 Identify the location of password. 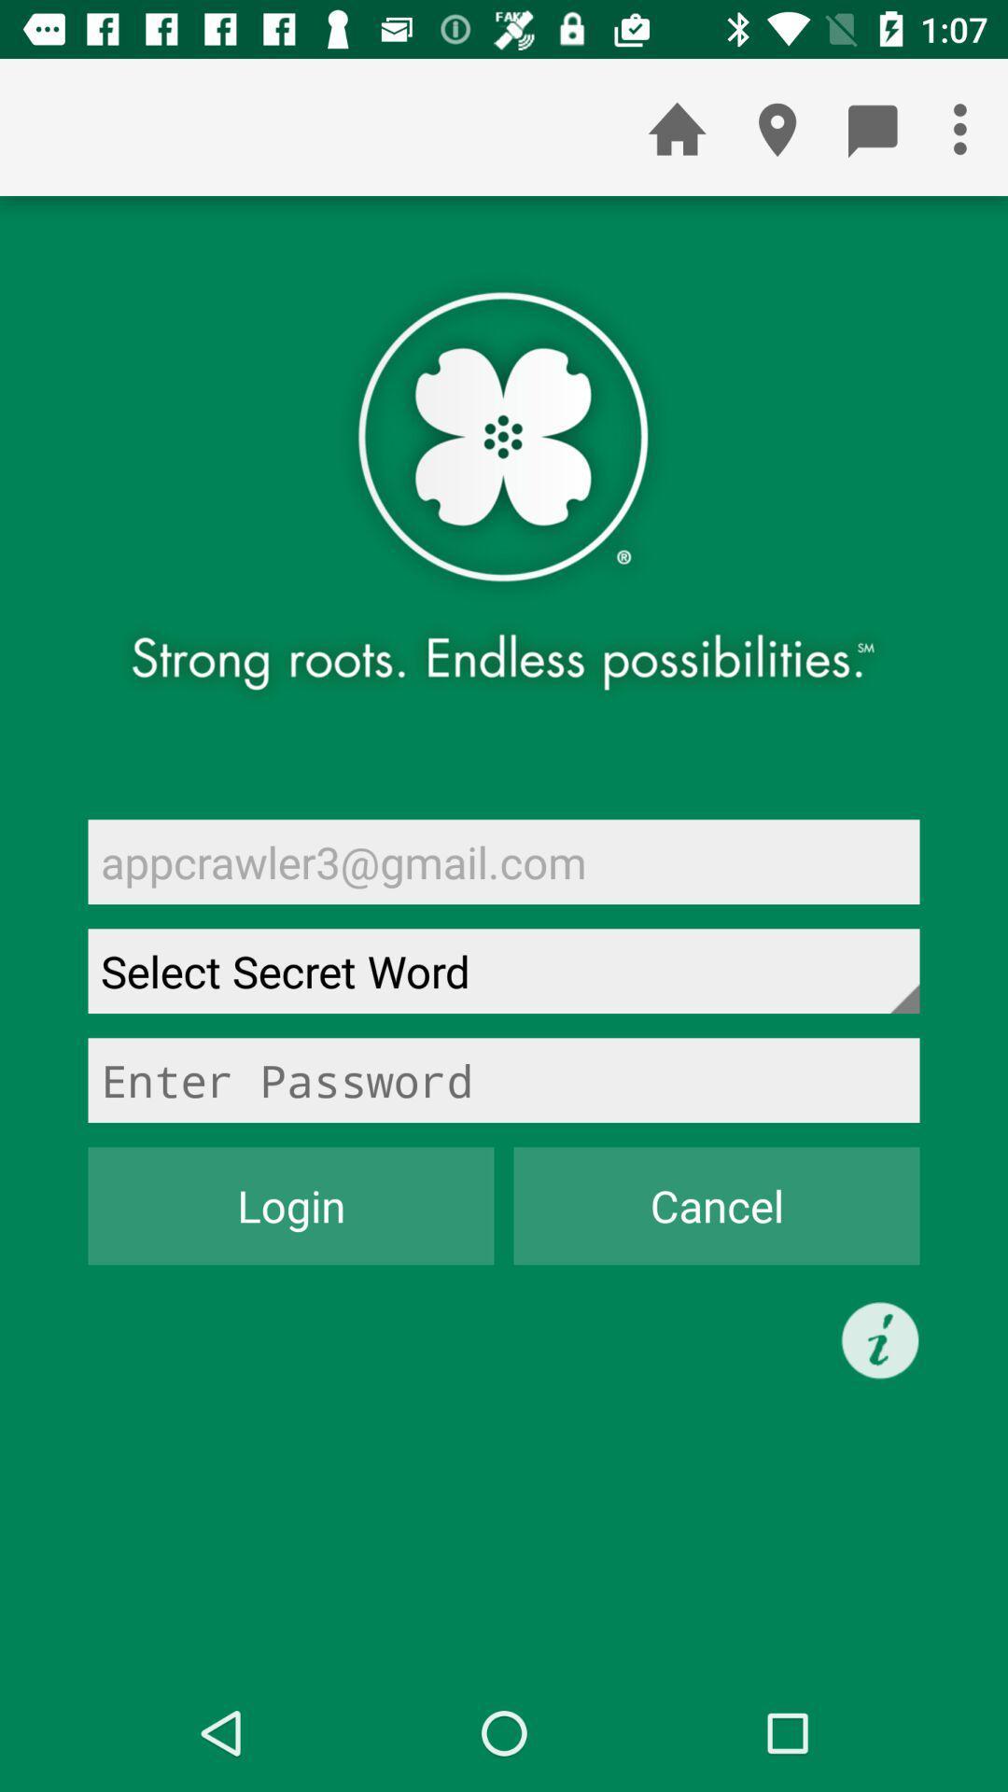
(504, 1080).